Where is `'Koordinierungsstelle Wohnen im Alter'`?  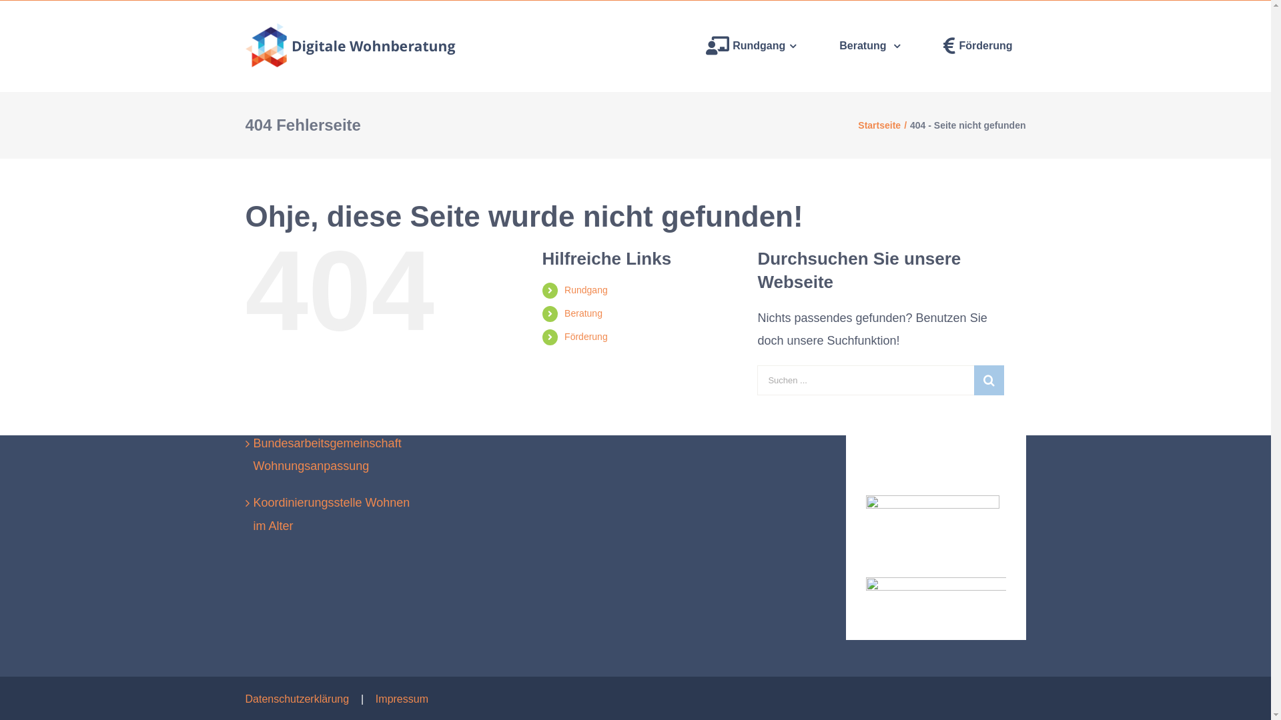 'Koordinierungsstelle Wohnen im Alter' is located at coordinates (253, 513).